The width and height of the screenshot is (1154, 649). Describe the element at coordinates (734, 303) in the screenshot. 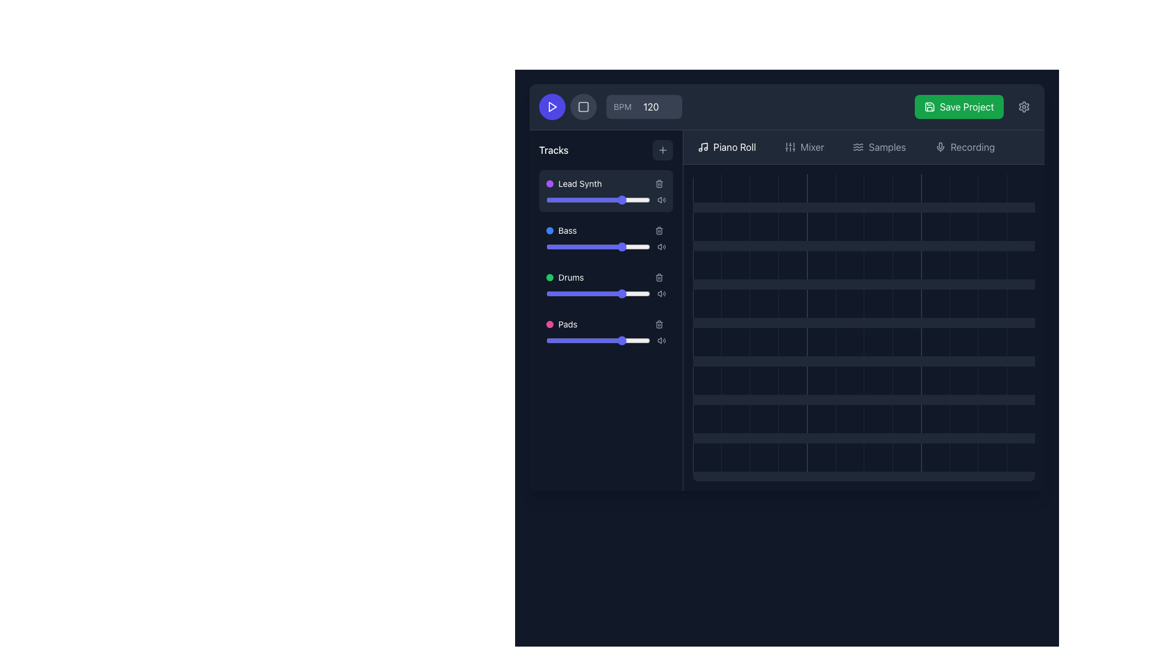

I see `the grid cell located` at that location.